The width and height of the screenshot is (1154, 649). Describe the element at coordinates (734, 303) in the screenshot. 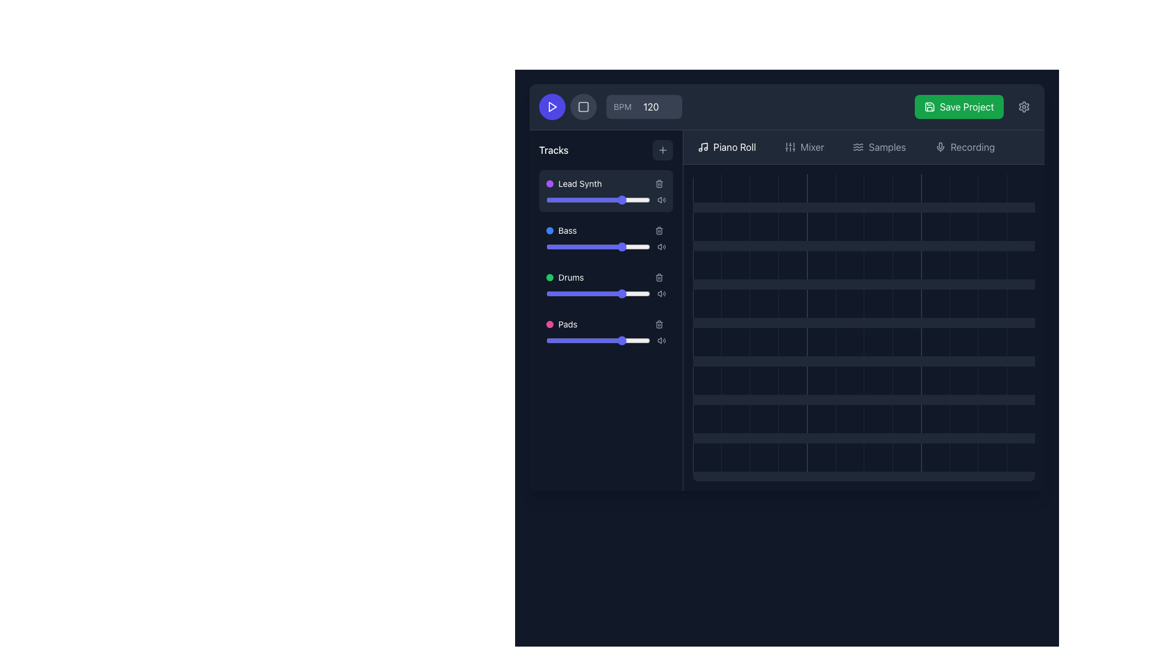

I see `the grid cell located` at that location.